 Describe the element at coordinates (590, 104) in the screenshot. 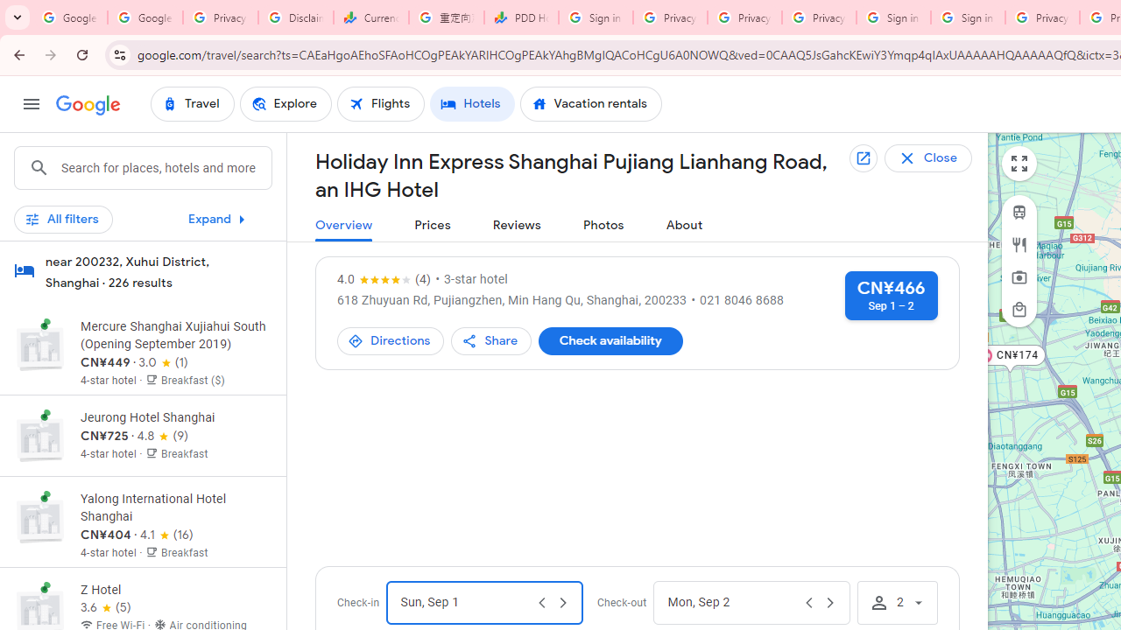

I see `'Vacation rentals'` at that location.